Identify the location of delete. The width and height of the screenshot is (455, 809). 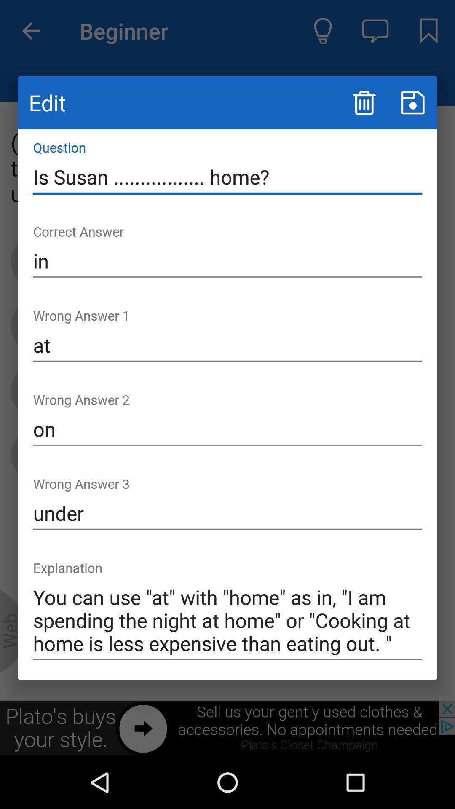
(364, 102).